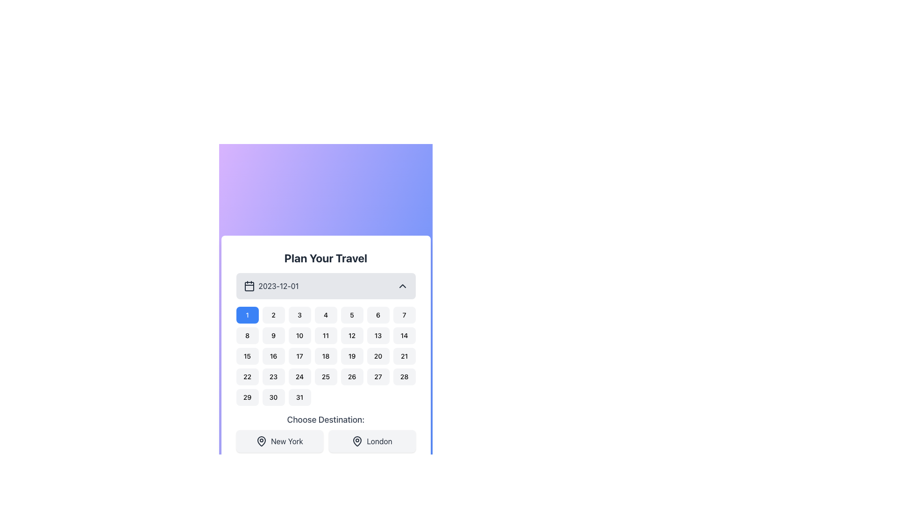 The image size is (897, 505). I want to click on the button labeled '6', which is styled with rounded corners and a gray background that changes to blue when hovered, to observe the hover effect, so click(378, 315).